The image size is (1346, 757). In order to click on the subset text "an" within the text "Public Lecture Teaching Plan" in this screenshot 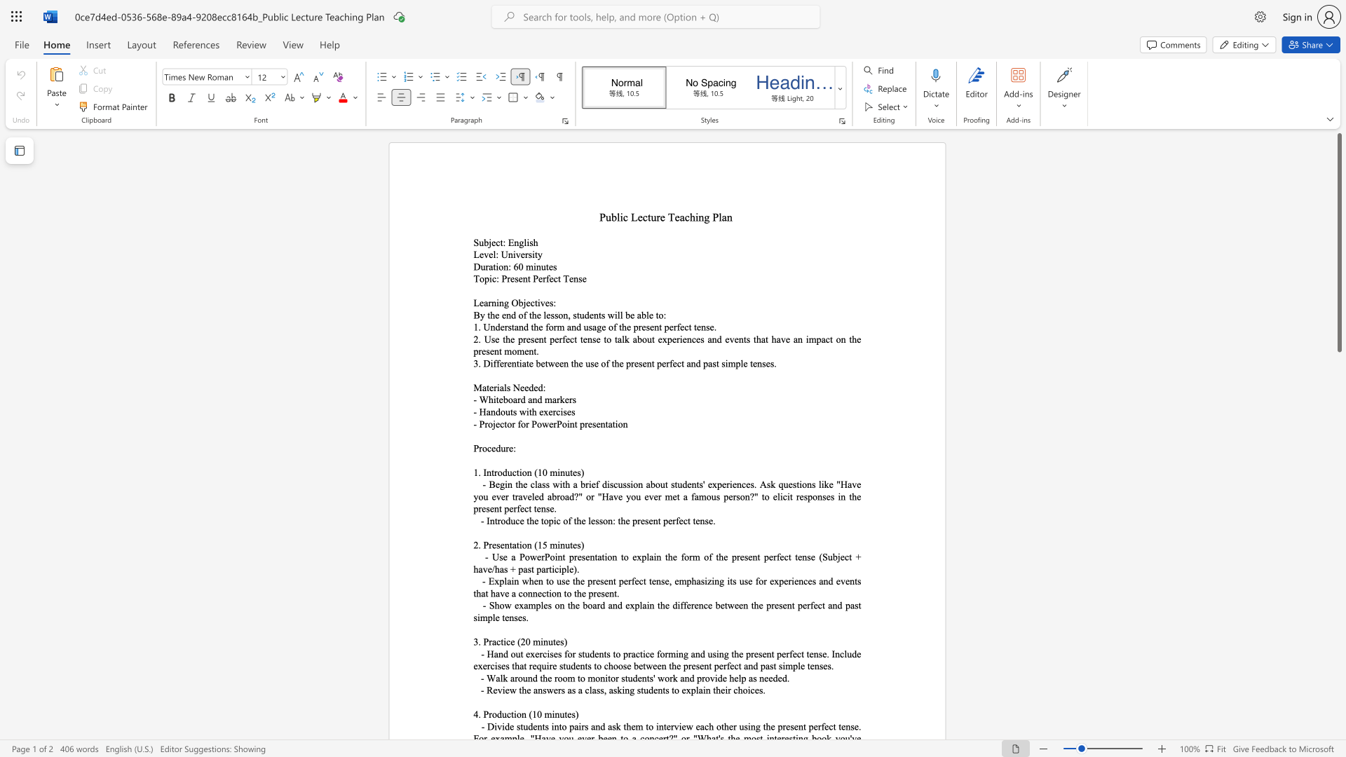, I will do `click(721, 217)`.